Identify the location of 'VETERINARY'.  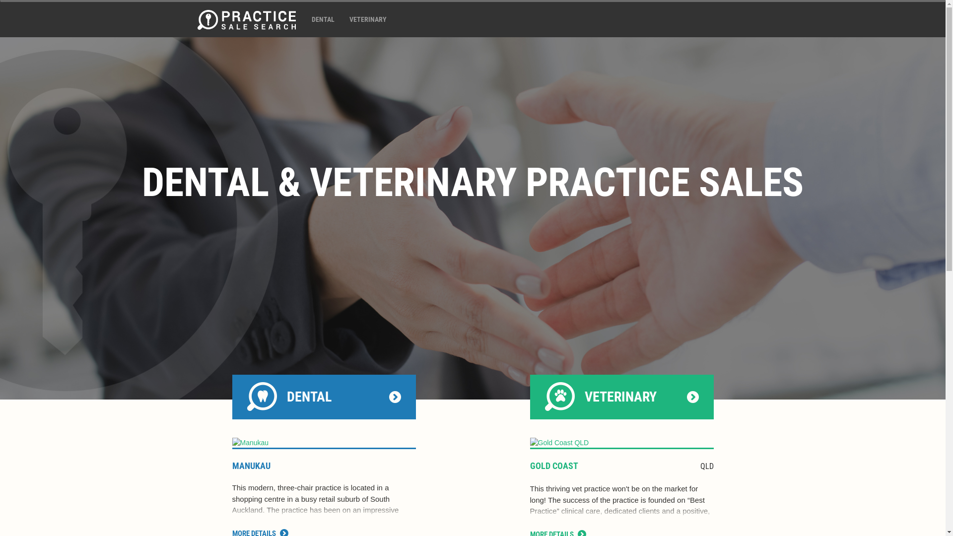
(367, 19).